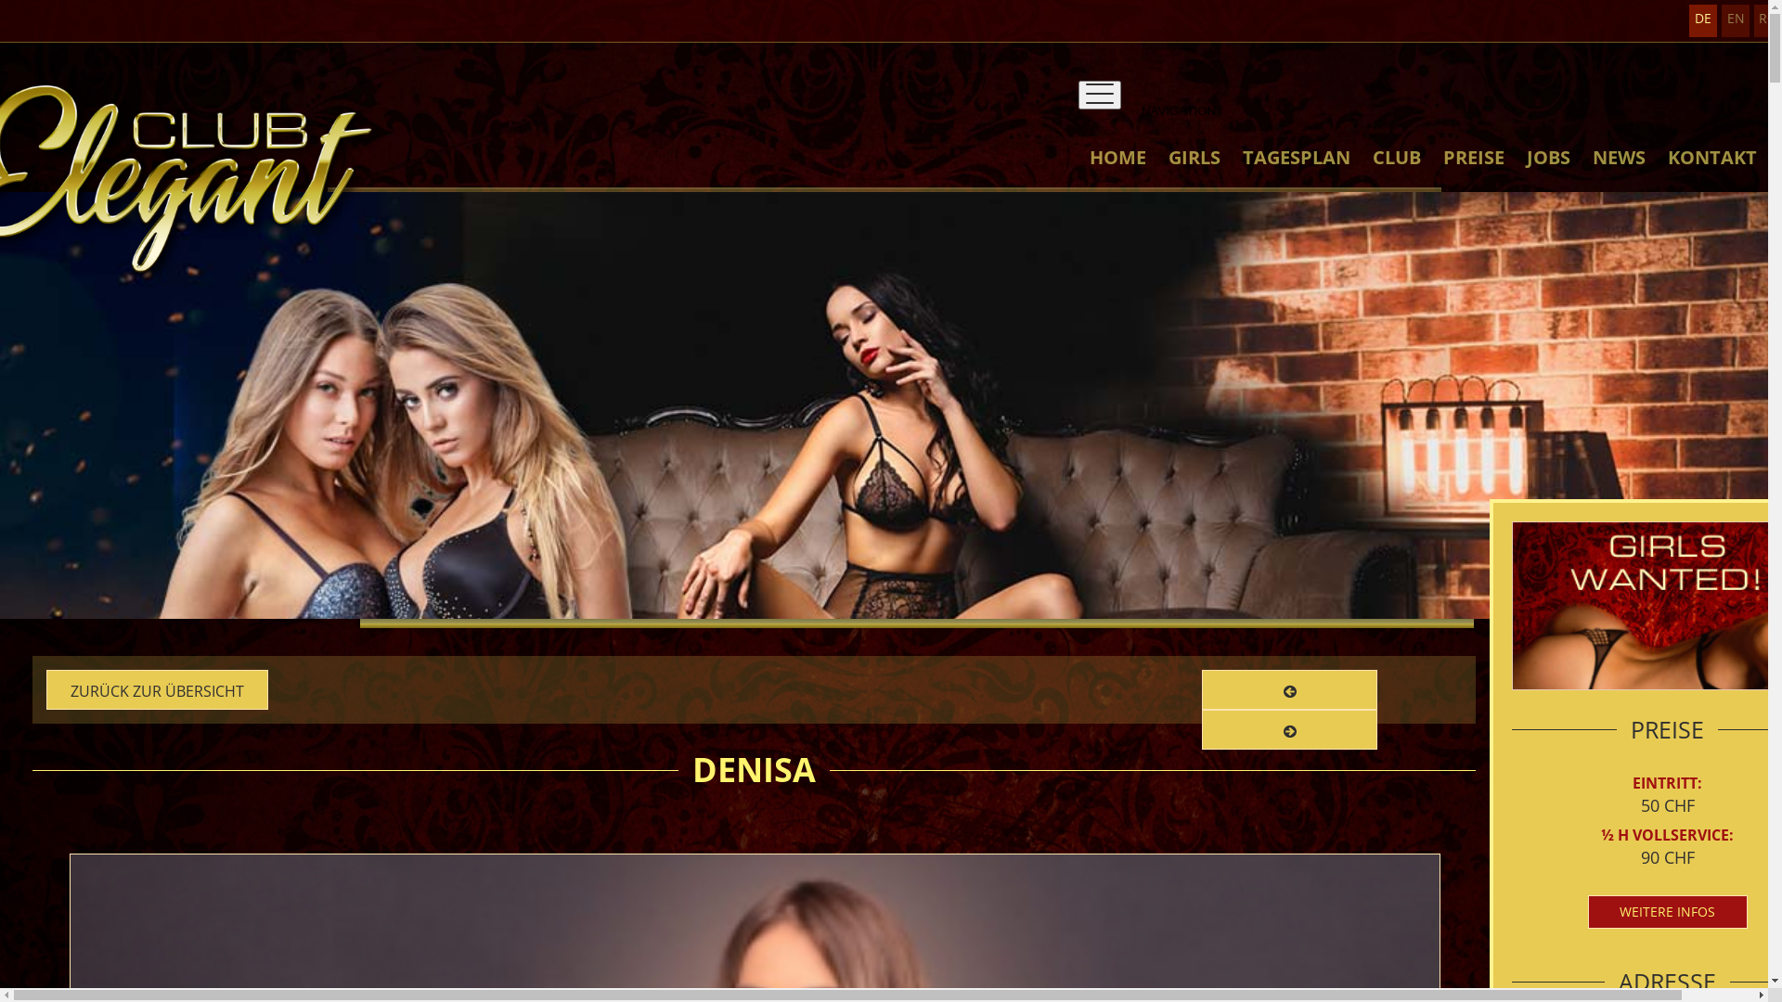 The width and height of the screenshot is (1782, 1002). What do you see at coordinates (1430, 174) in the screenshot?
I see `'PREISE'` at bounding box center [1430, 174].